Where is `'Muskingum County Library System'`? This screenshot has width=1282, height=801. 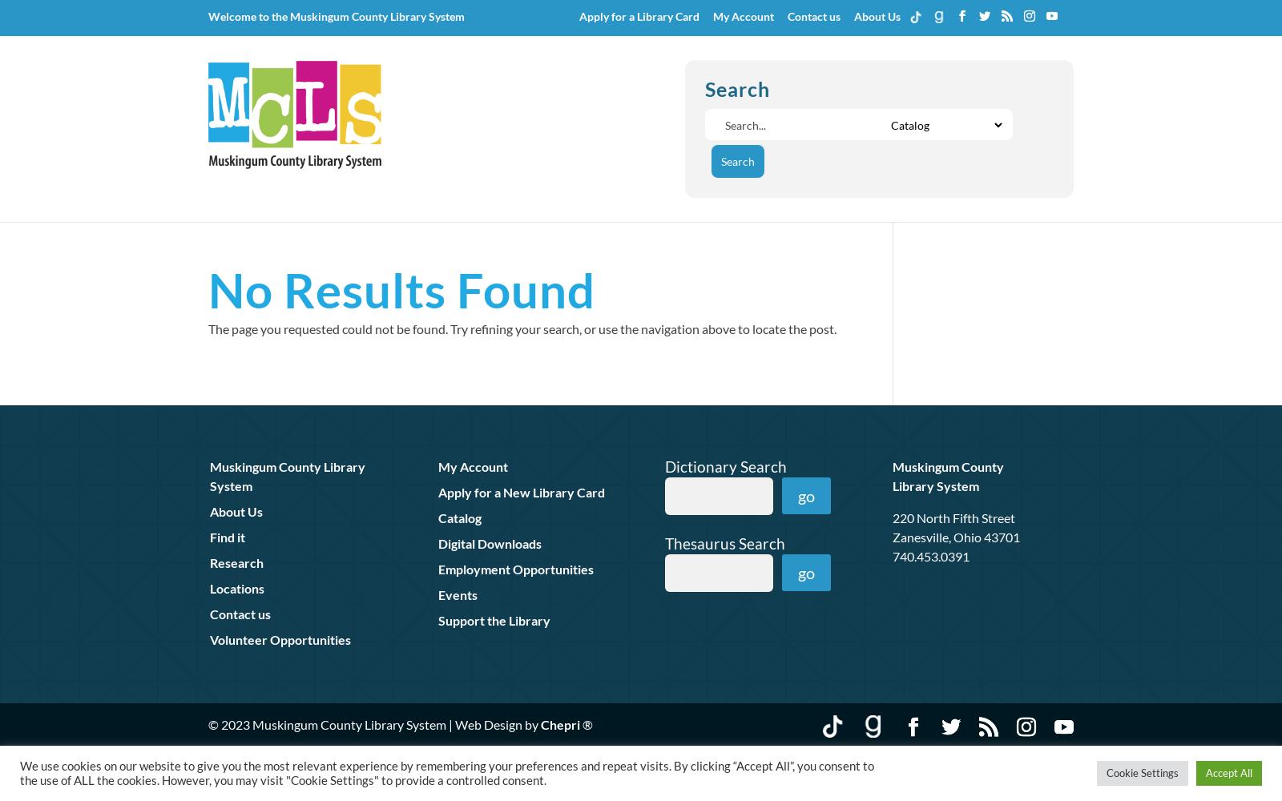 'Muskingum County Library System' is located at coordinates (288, 474).